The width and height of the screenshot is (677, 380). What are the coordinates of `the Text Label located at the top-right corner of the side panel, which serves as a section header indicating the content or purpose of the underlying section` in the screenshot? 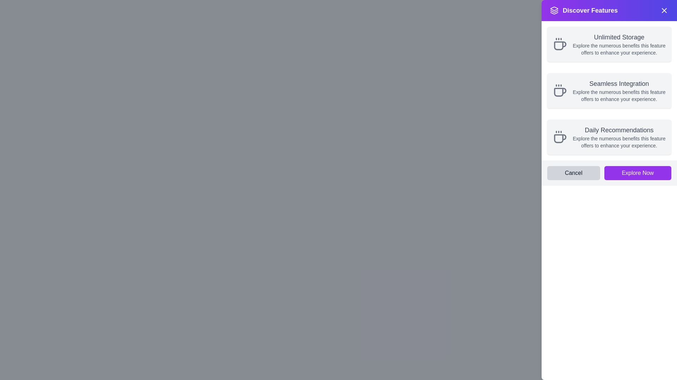 It's located at (590, 11).